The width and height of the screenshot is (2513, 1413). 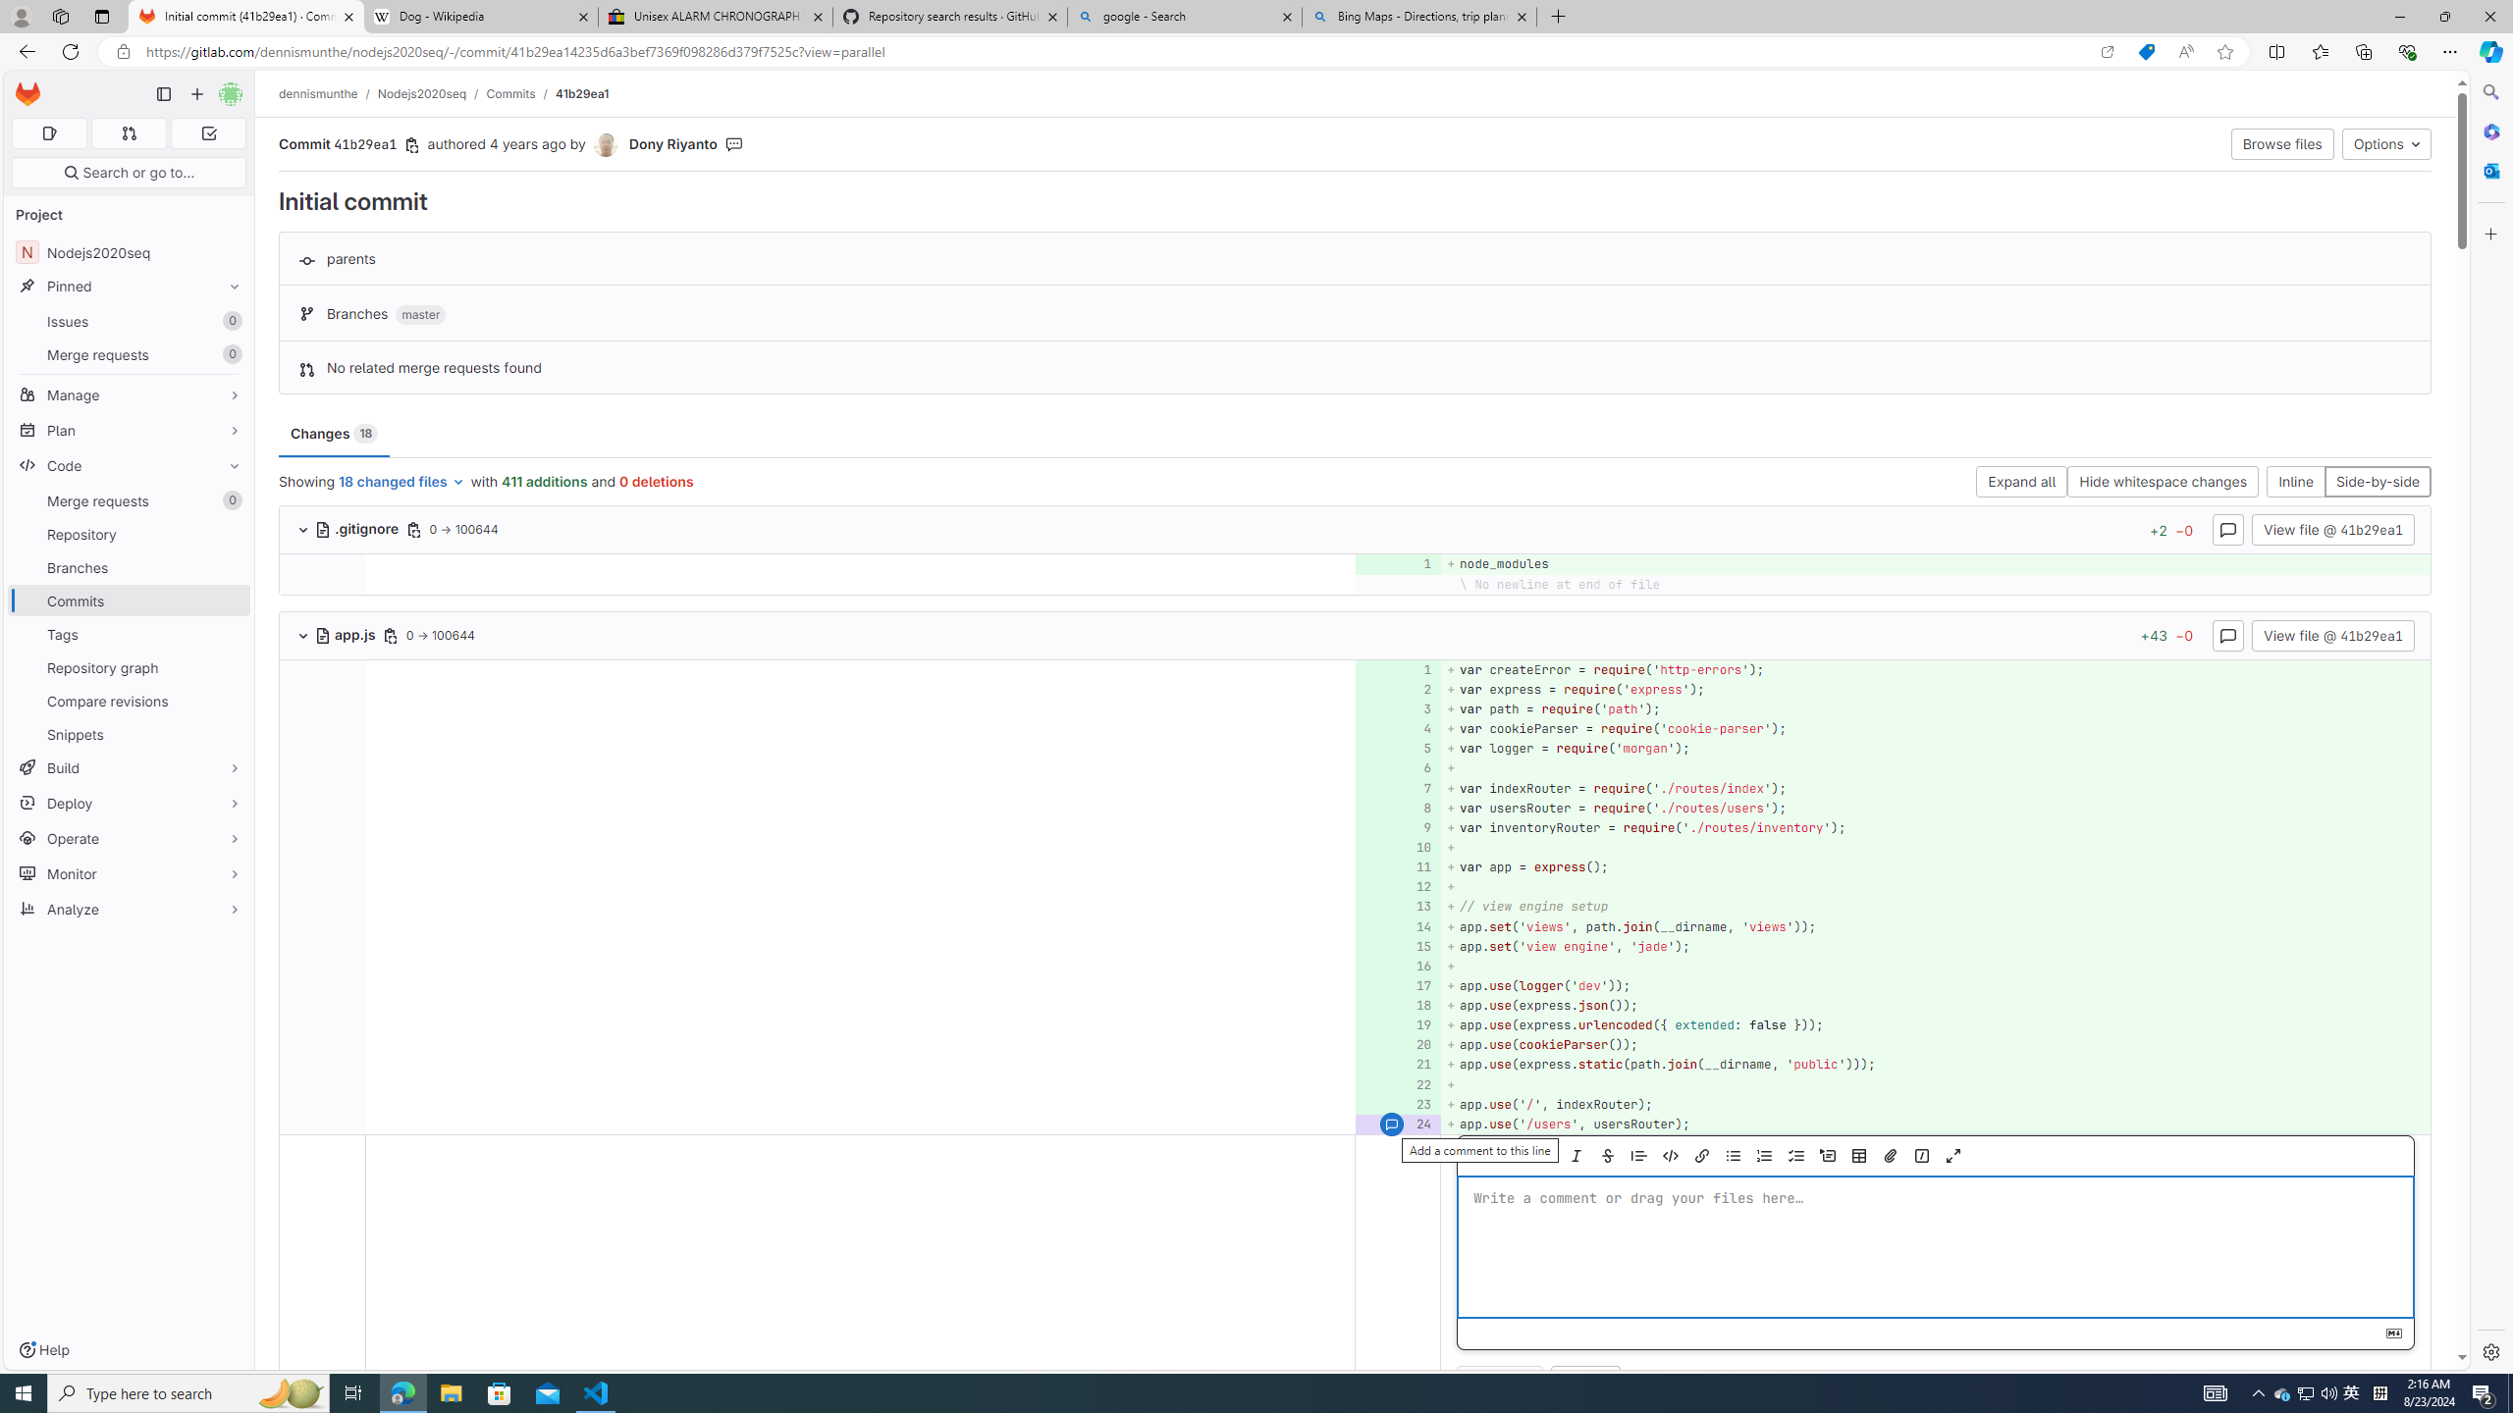 What do you see at coordinates (1934, 728) in the screenshot?
I see `'+ var cookieParser = require('` at bounding box center [1934, 728].